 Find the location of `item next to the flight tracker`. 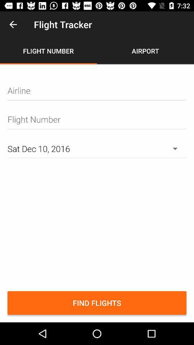

item next to the flight tracker is located at coordinates (13, 24).